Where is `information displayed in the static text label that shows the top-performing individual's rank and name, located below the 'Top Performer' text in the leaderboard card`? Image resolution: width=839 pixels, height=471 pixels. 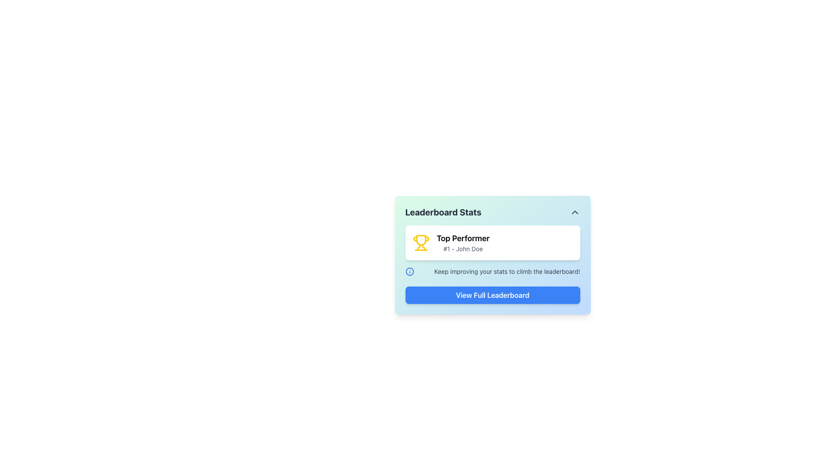
information displayed in the static text label that shows the top-performing individual's rank and name, located below the 'Top Performer' text in the leaderboard card is located at coordinates (463, 249).